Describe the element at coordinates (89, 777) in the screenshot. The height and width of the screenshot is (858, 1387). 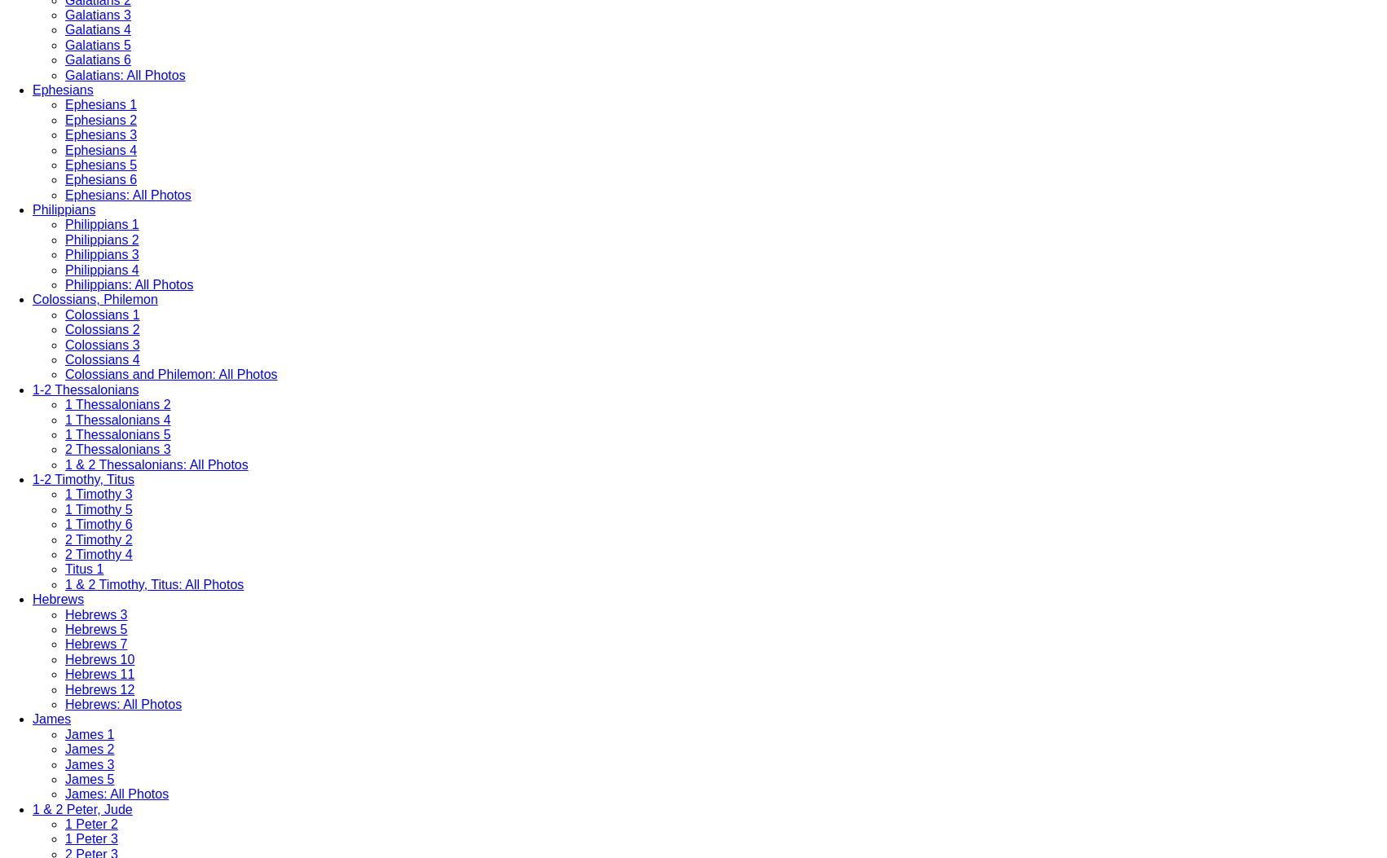
I see `'James 5'` at that location.